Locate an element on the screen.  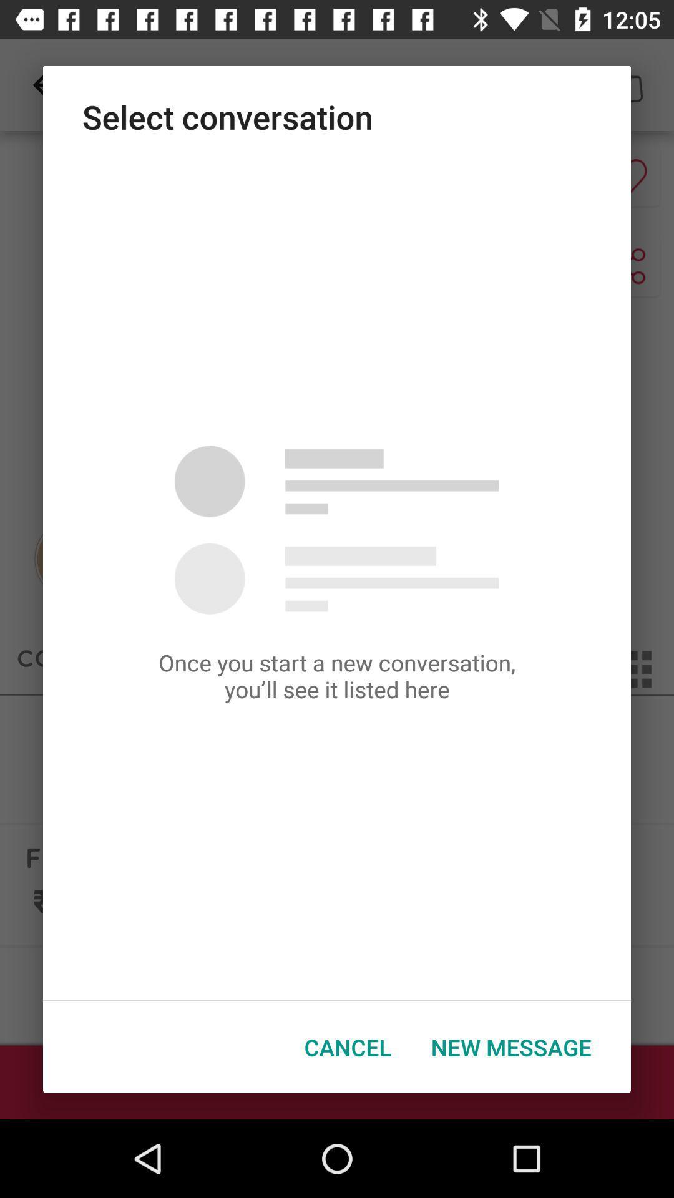
the new message at the bottom right corner is located at coordinates (511, 1047).